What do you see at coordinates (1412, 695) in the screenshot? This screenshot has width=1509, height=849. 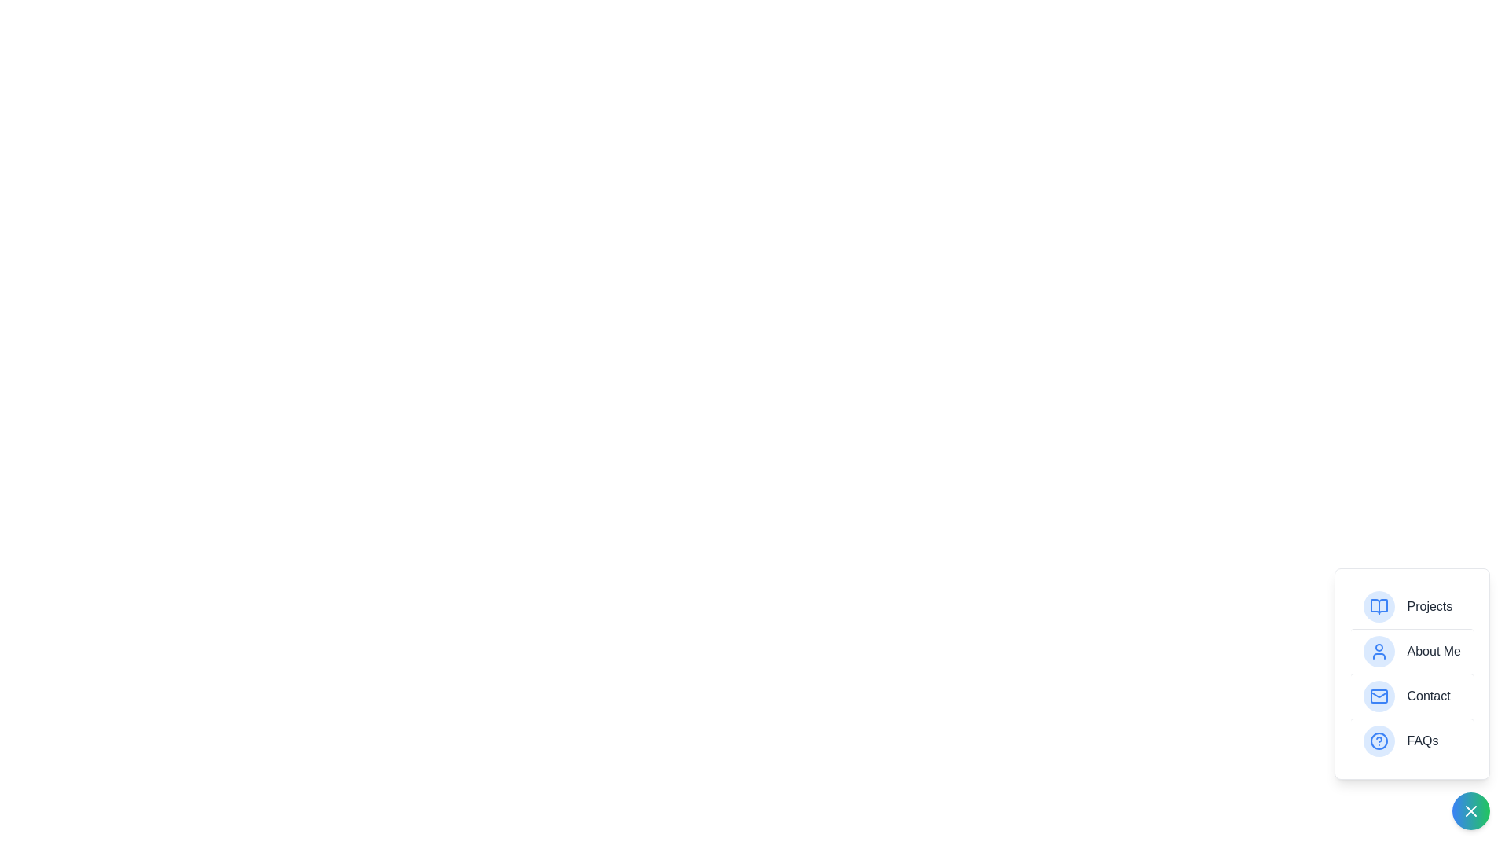 I see `the item labeled Contact to highlight it` at bounding box center [1412, 695].